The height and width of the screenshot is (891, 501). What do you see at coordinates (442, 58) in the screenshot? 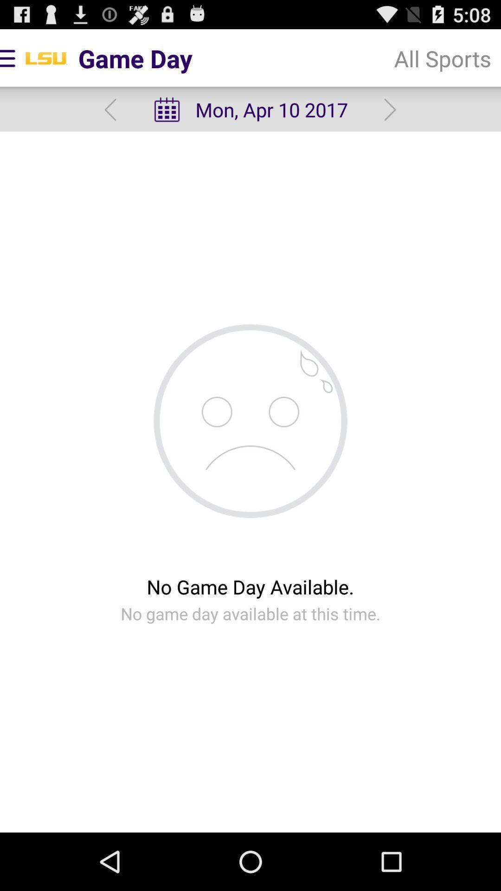
I see `the item to the right of mon apr 10` at bounding box center [442, 58].